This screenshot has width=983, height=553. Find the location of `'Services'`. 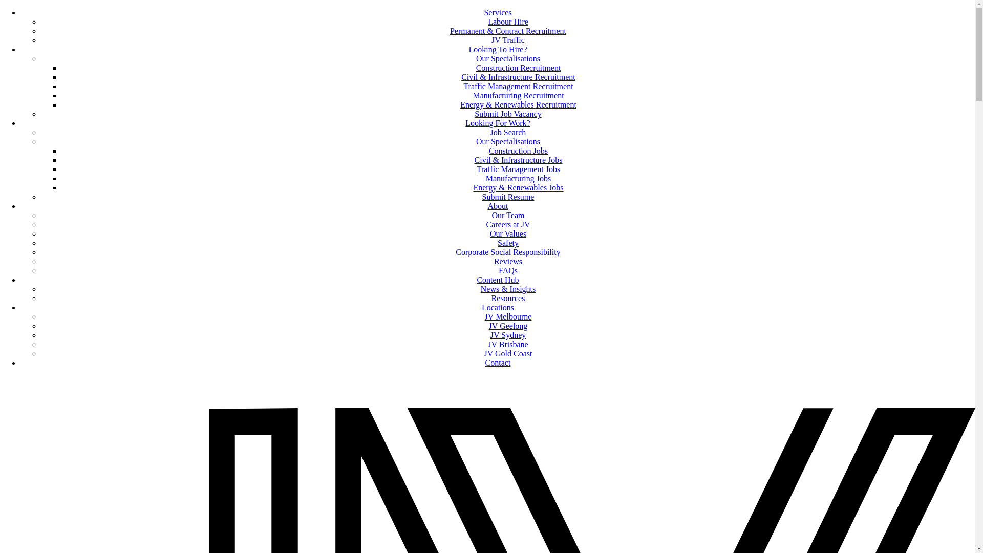

'Services' is located at coordinates (483, 12).